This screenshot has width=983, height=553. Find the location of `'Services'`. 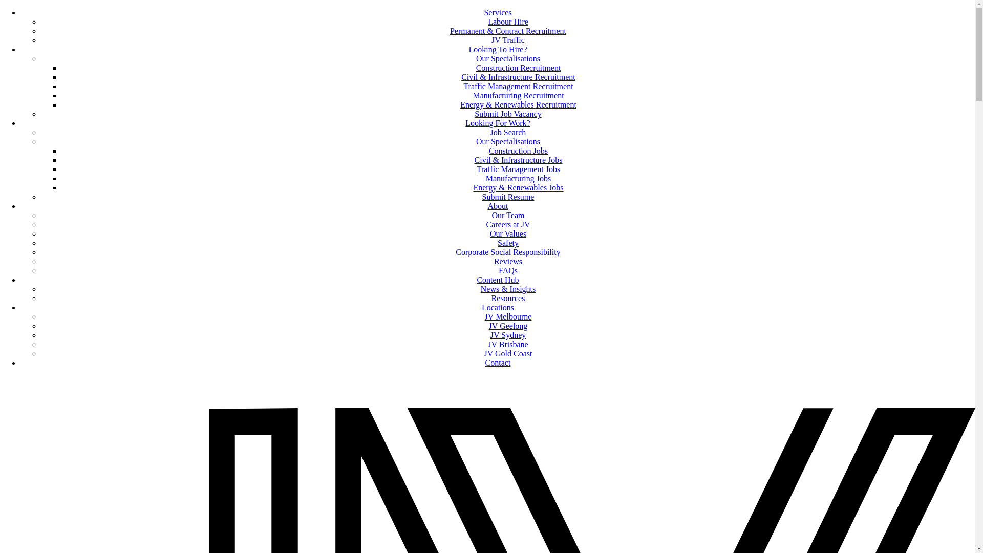

'Services' is located at coordinates (483, 12).